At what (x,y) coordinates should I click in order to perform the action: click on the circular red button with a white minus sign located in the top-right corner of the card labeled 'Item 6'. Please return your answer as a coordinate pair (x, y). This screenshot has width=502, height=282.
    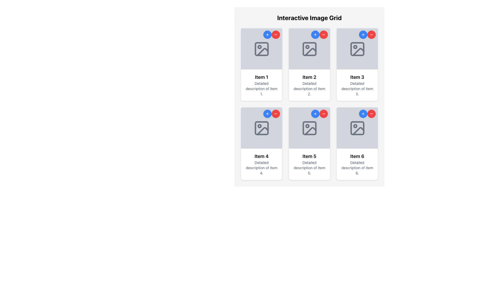
    Looking at the image, I should click on (371, 113).